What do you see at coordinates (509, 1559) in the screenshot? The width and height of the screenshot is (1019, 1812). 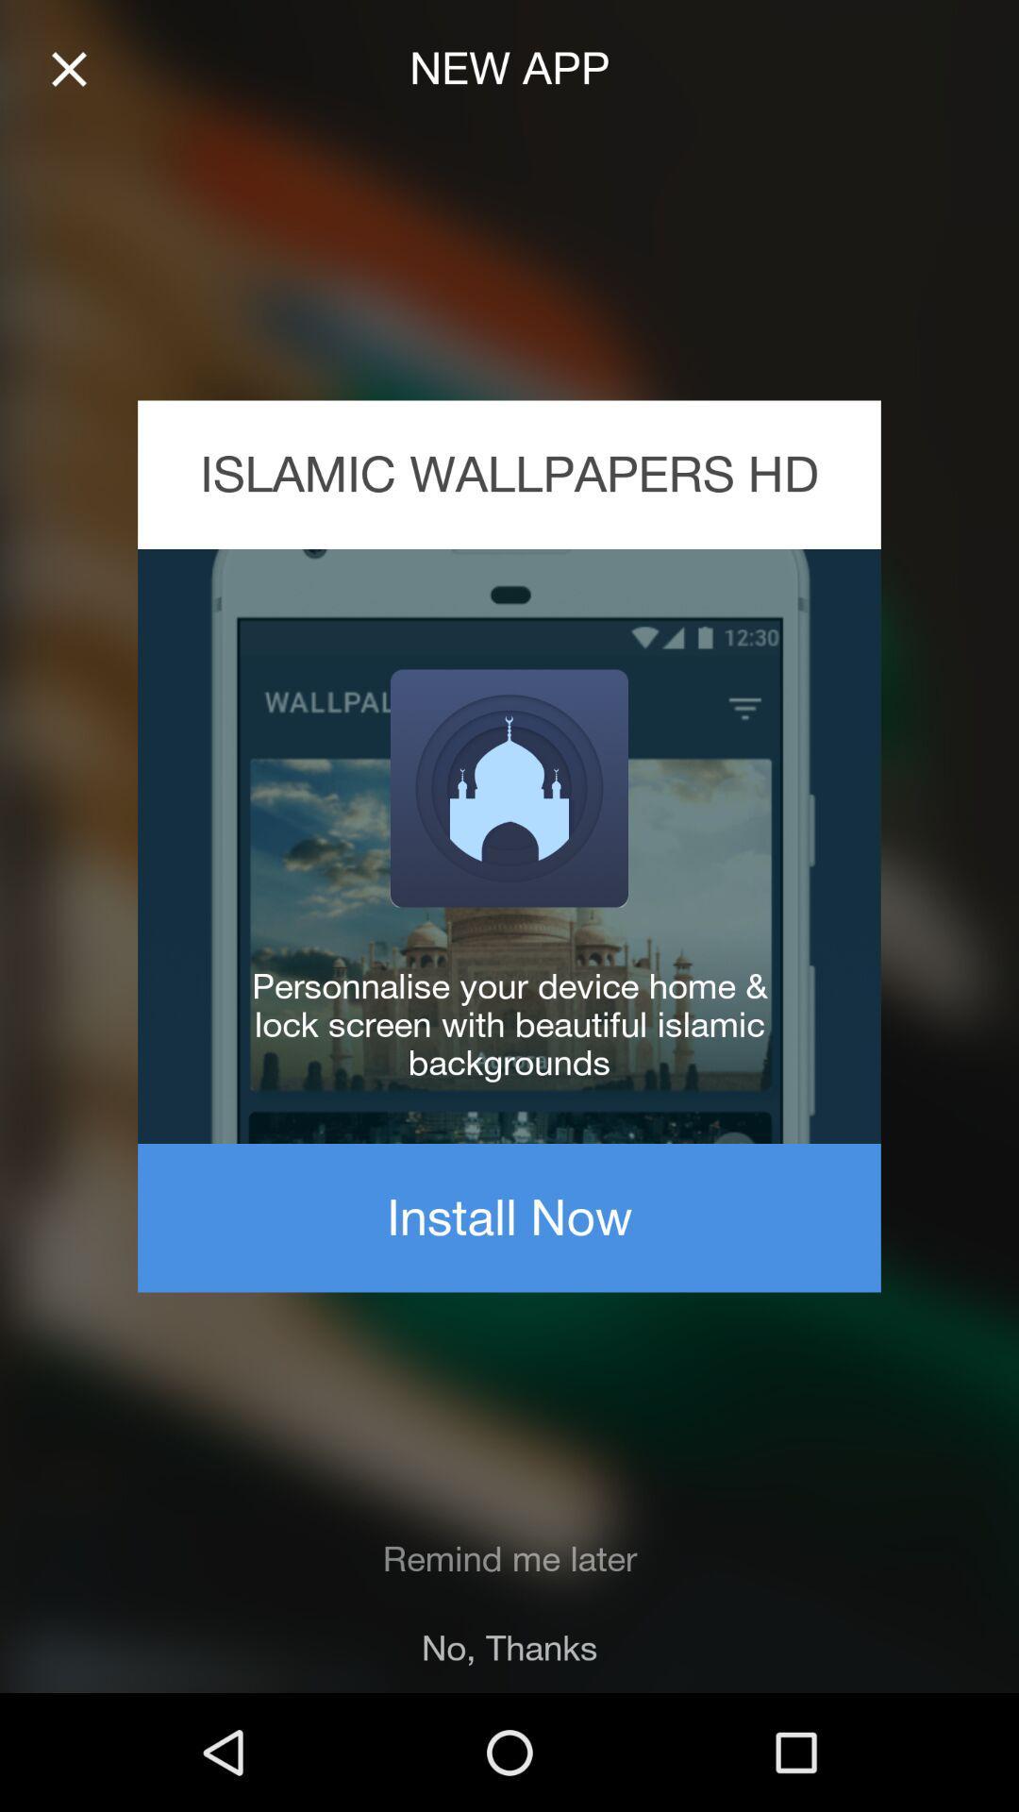 I see `the item above the no, thanks item` at bounding box center [509, 1559].